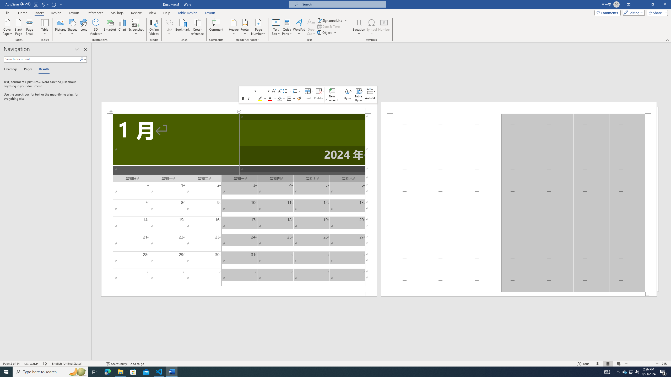 Image resolution: width=671 pixels, height=377 pixels. Describe the element at coordinates (72, 27) in the screenshot. I see `'Shapes'` at that location.